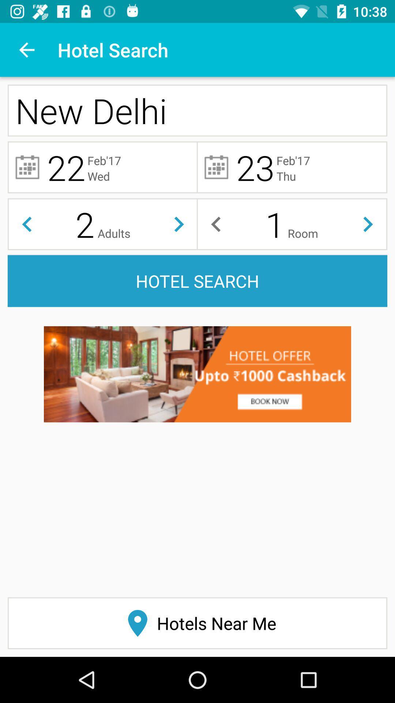 The width and height of the screenshot is (395, 703). Describe the element at coordinates (368, 224) in the screenshot. I see `increase room` at that location.